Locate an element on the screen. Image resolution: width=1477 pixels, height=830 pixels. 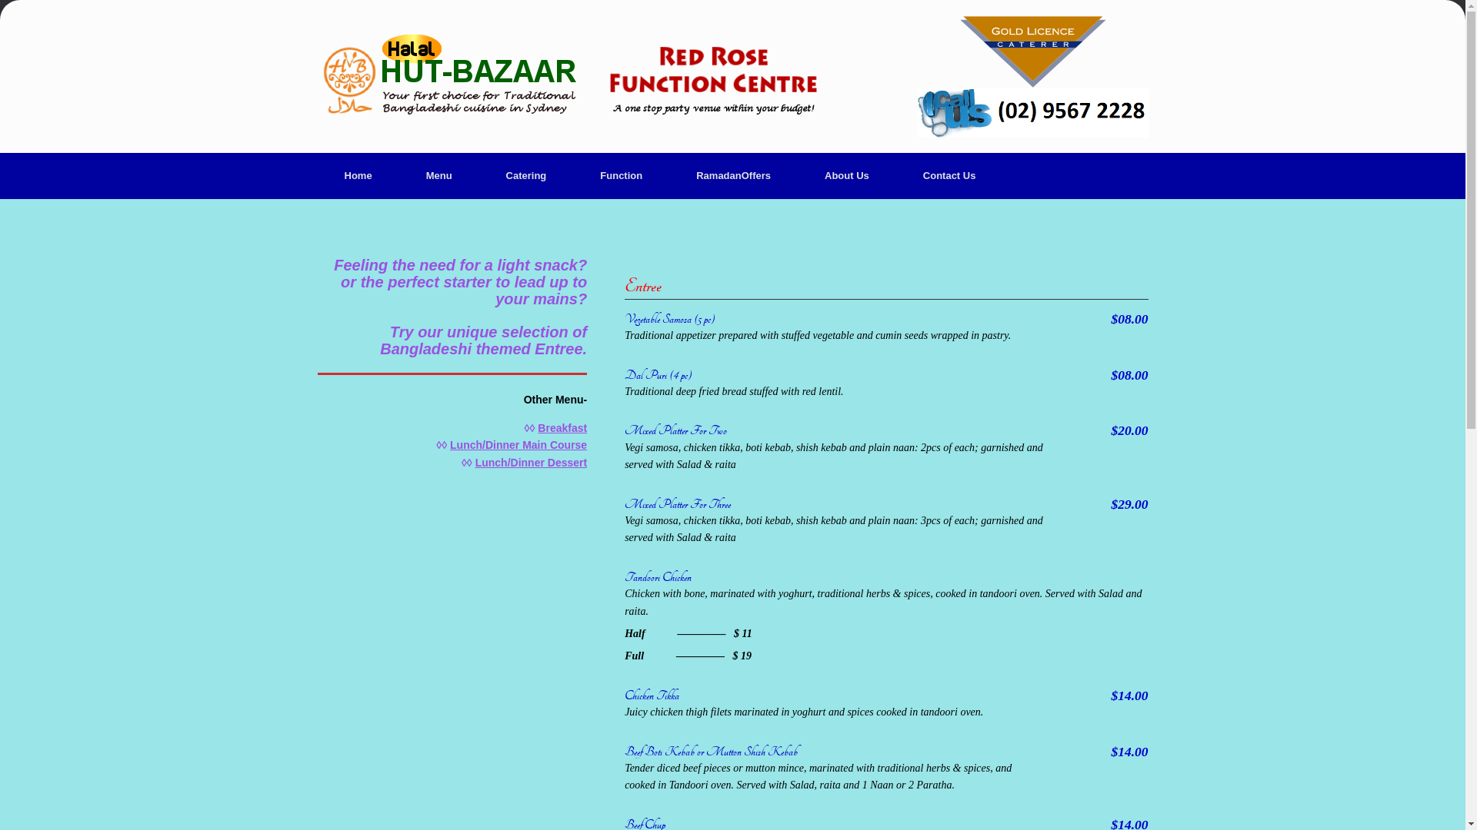
'Lunch/Dinner Main Course' is located at coordinates (449, 444).